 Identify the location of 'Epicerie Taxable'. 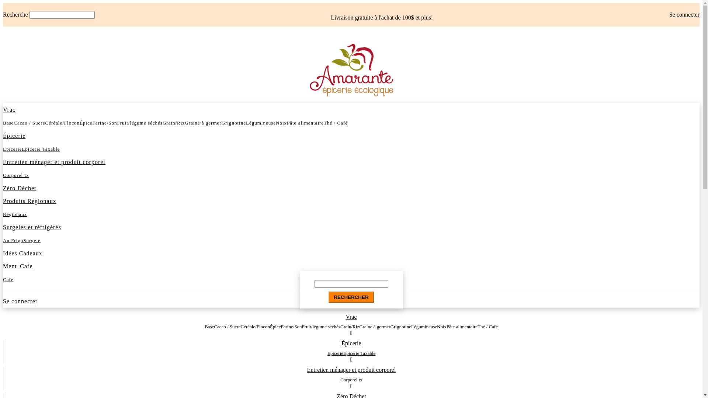
(359, 353).